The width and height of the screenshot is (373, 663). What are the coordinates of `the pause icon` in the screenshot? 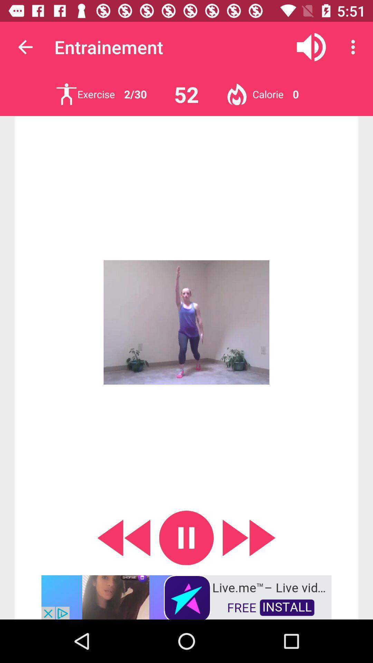 It's located at (186, 537).